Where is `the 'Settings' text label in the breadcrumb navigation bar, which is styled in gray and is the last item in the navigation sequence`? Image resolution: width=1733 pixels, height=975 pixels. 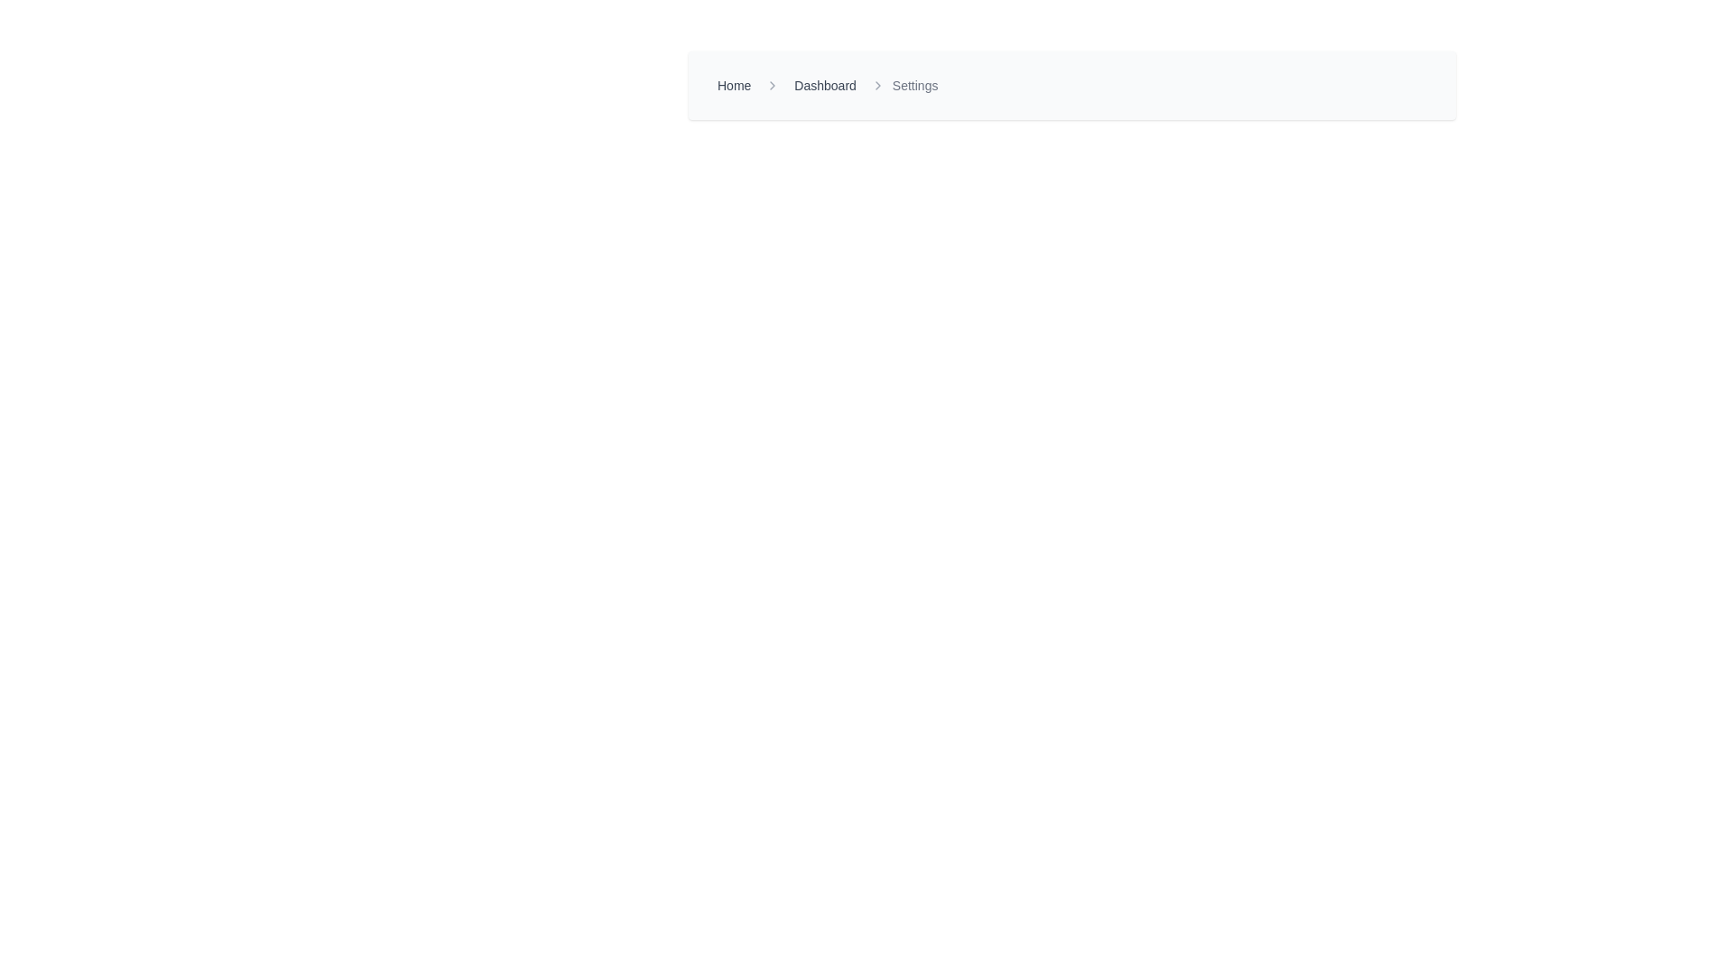 the 'Settings' text label in the breadcrumb navigation bar, which is styled in gray and is the last item in the navigation sequence is located at coordinates (915, 86).